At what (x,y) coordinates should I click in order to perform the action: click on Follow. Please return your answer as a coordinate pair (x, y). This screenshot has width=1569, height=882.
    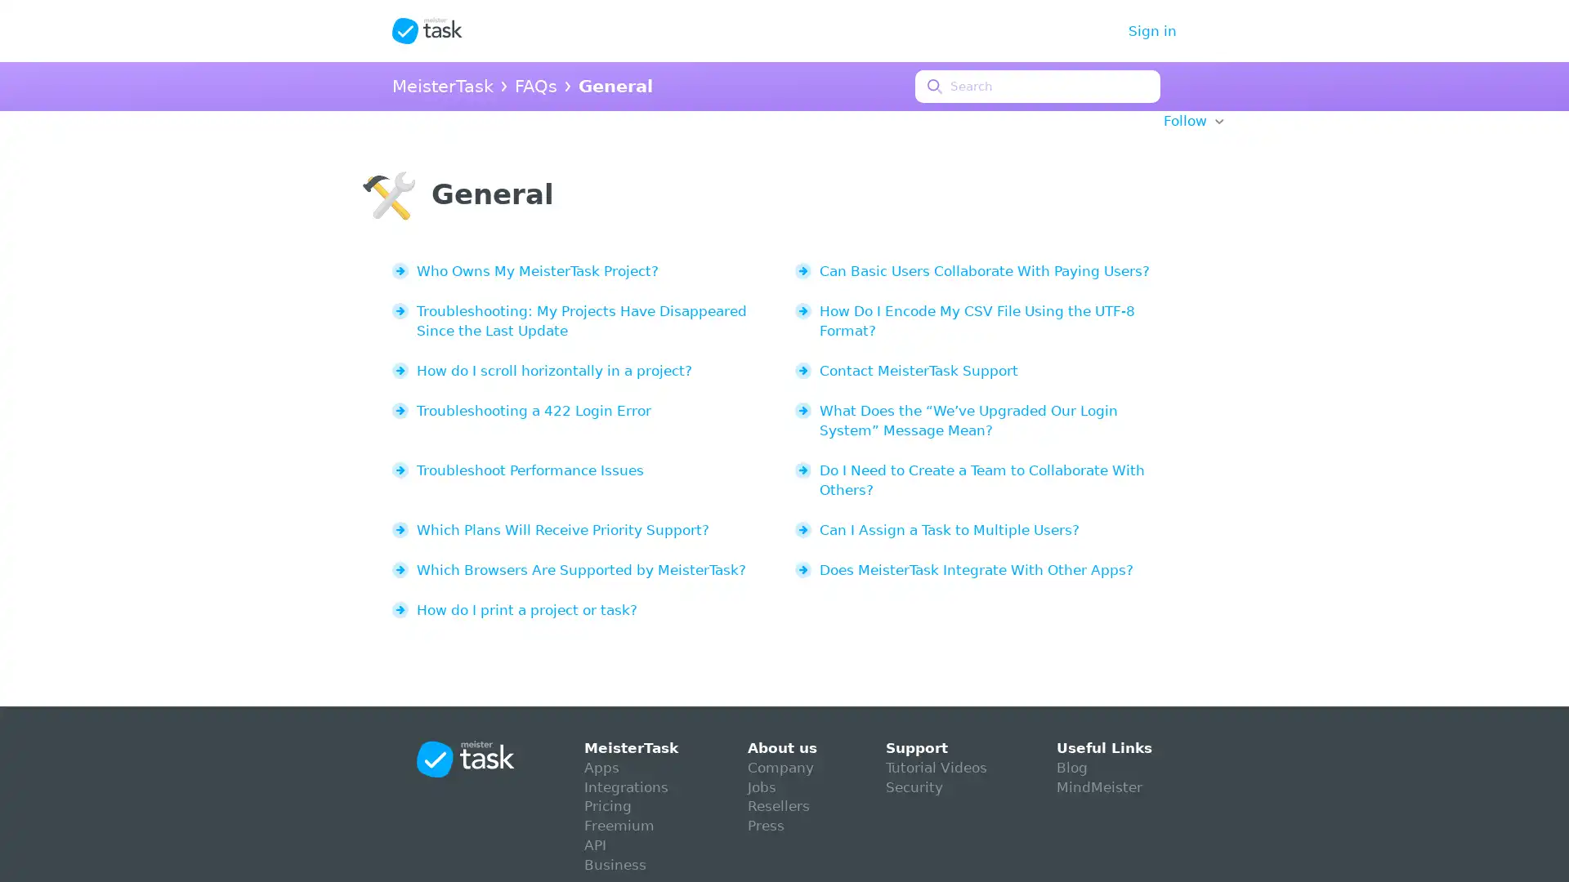
    Looking at the image, I should click on (1192, 120).